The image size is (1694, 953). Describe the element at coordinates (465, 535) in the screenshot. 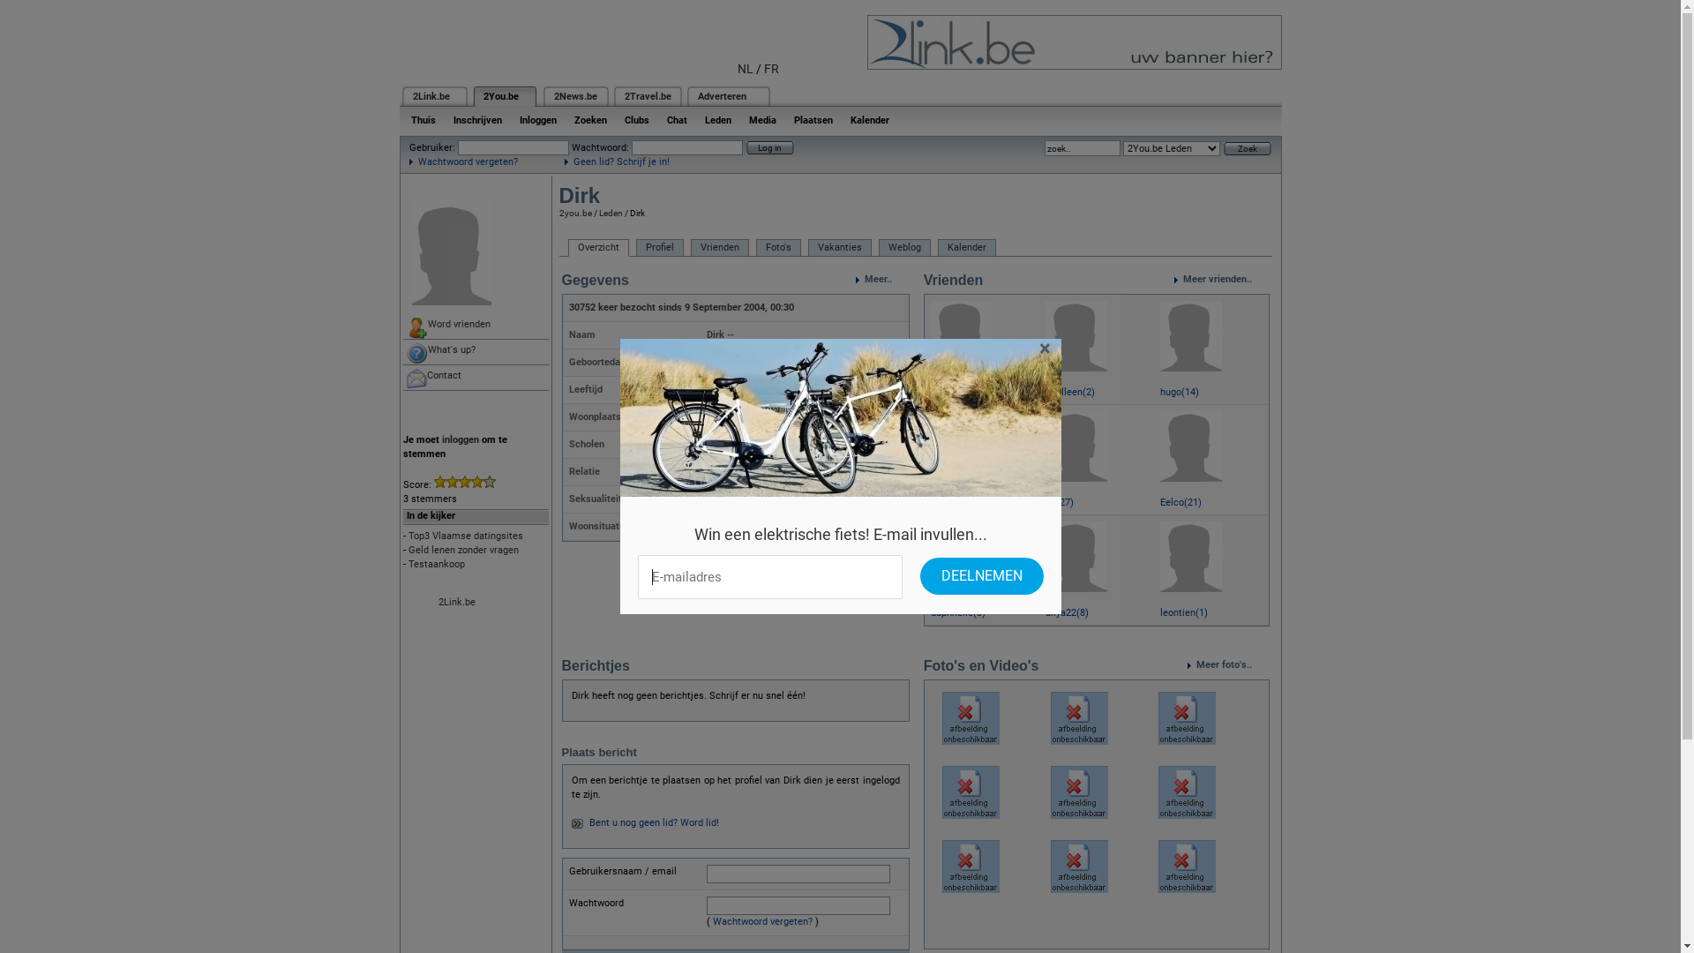

I see `'Top3 Vlaamse datingsites'` at that location.